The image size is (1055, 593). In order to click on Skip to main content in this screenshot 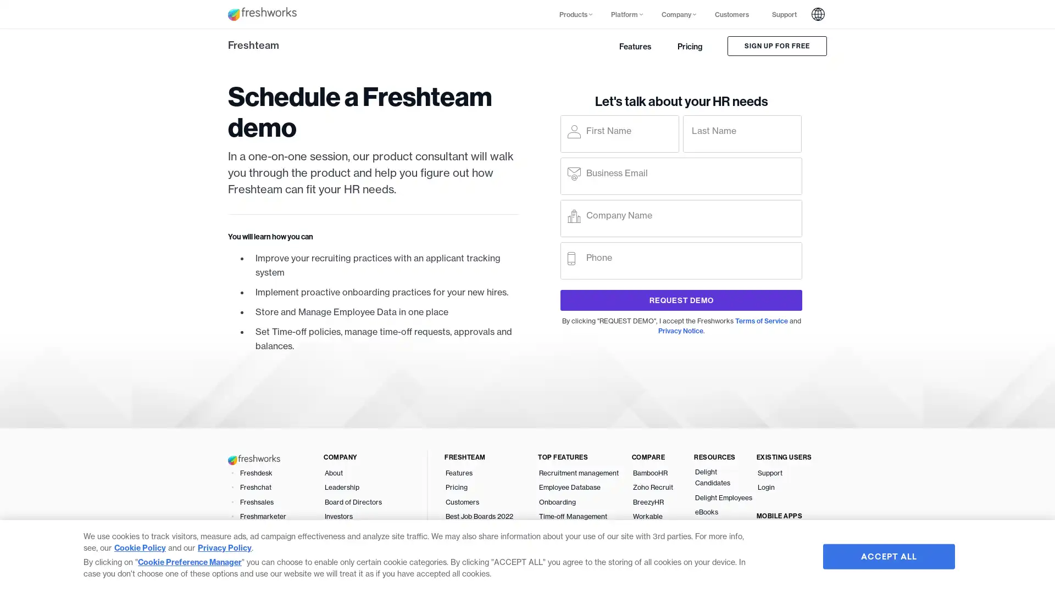, I will do `click(177, 13)`.